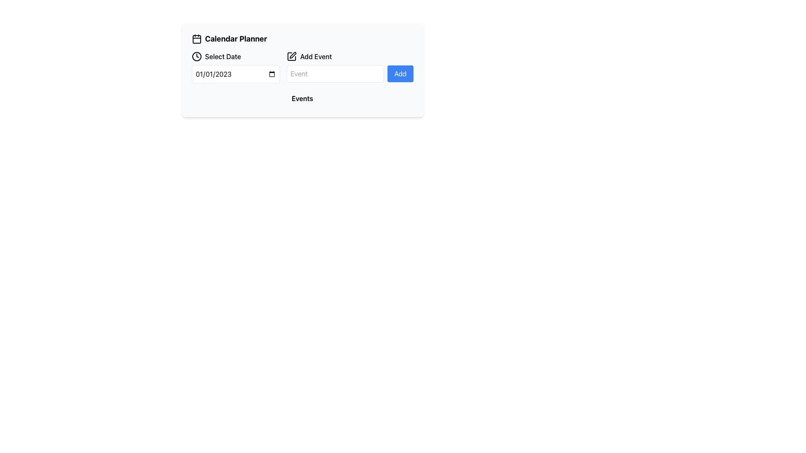 This screenshot has width=806, height=453. Describe the element at coordinates (292, 57) in the screenshot. I see `the pen icon located to the left of the 'Add Event' label, which is part of a grouped arrangement in the second row of the interface below 'Calendar Planner'` at that location.